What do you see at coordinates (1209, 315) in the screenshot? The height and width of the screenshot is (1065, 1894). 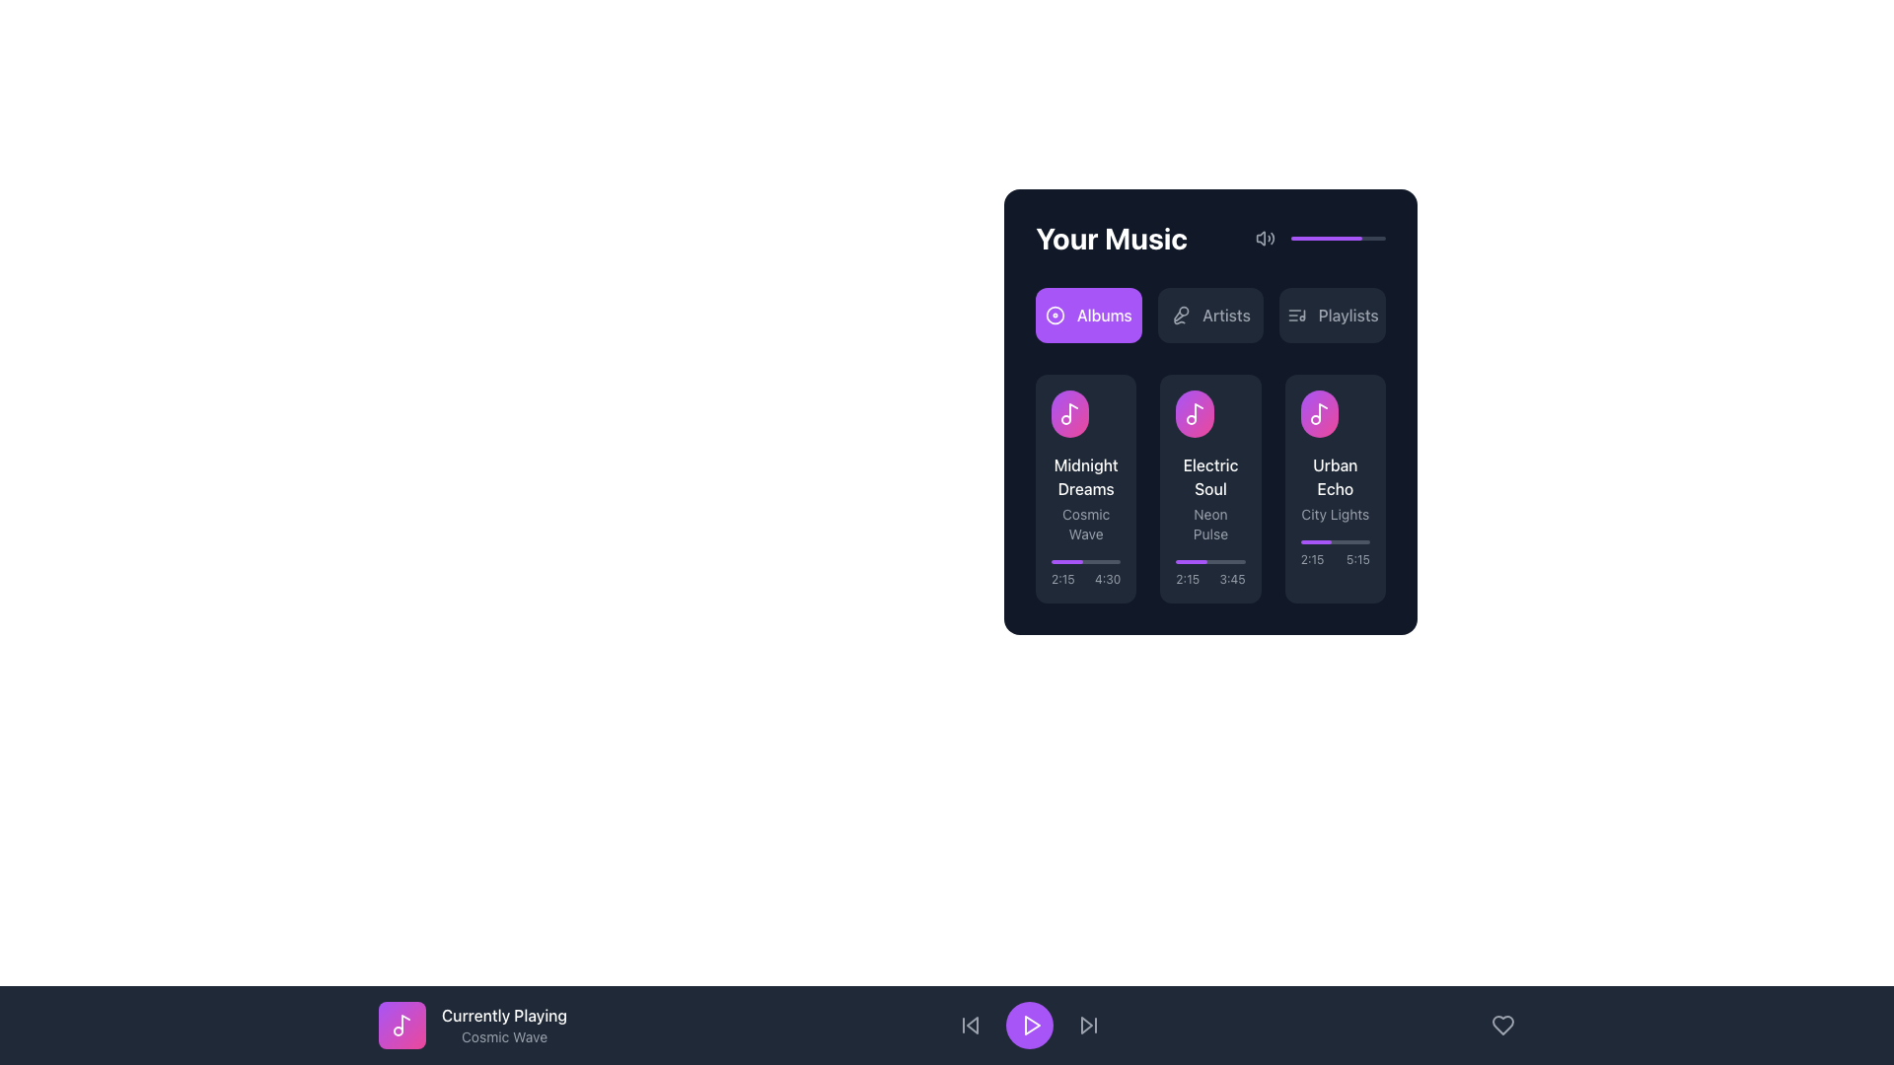 I see `the navigation button group located in the 'Your Music' section, which allows switching between views like 'Albums,' 'Artists,' and 'Playlists'` at bounding box center [1209, 315].